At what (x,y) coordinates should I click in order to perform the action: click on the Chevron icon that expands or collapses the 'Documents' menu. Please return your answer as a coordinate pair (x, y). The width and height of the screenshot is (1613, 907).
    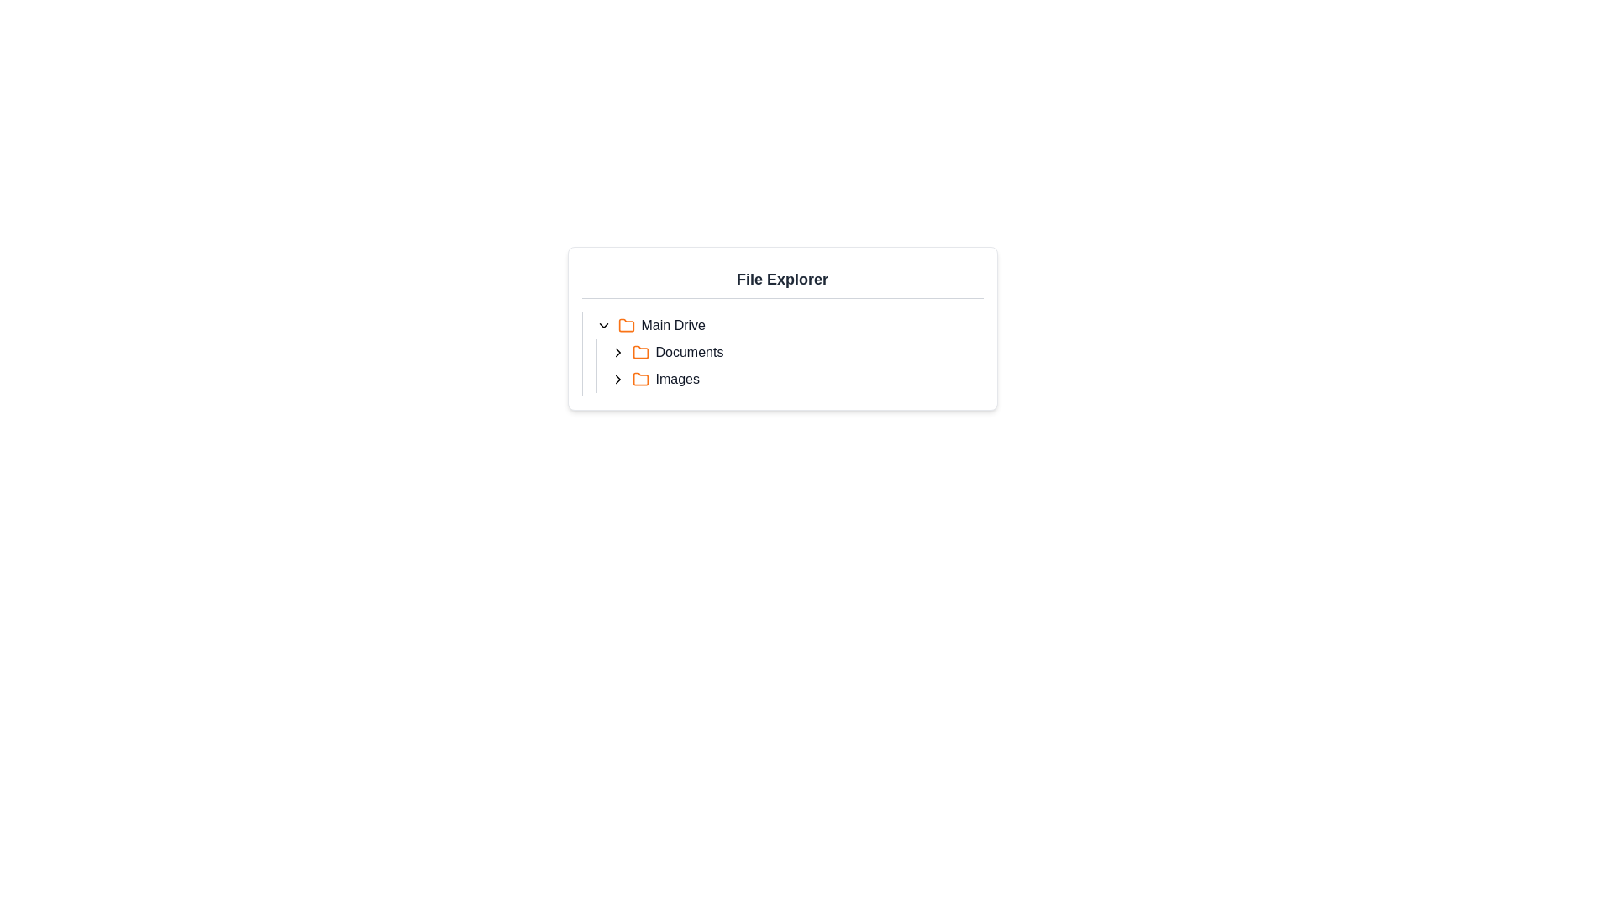
    Looking at the image, I should click on (617, 352).